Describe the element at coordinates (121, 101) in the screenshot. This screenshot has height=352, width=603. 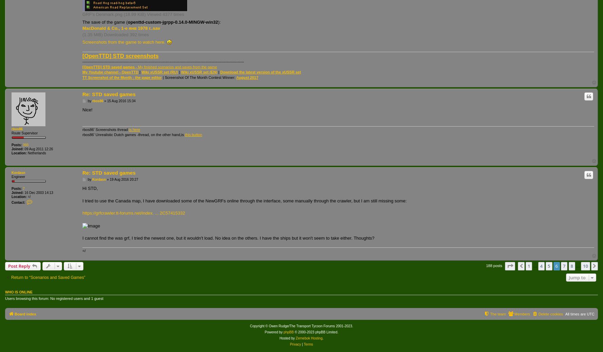
I see `'15 Aug 2016 15:34'` at that location.